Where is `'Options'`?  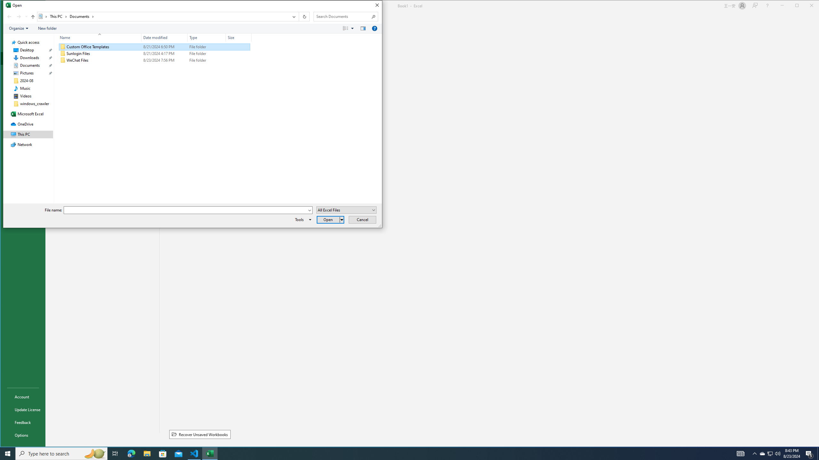
'Options' is located at coordinates (22, 435).